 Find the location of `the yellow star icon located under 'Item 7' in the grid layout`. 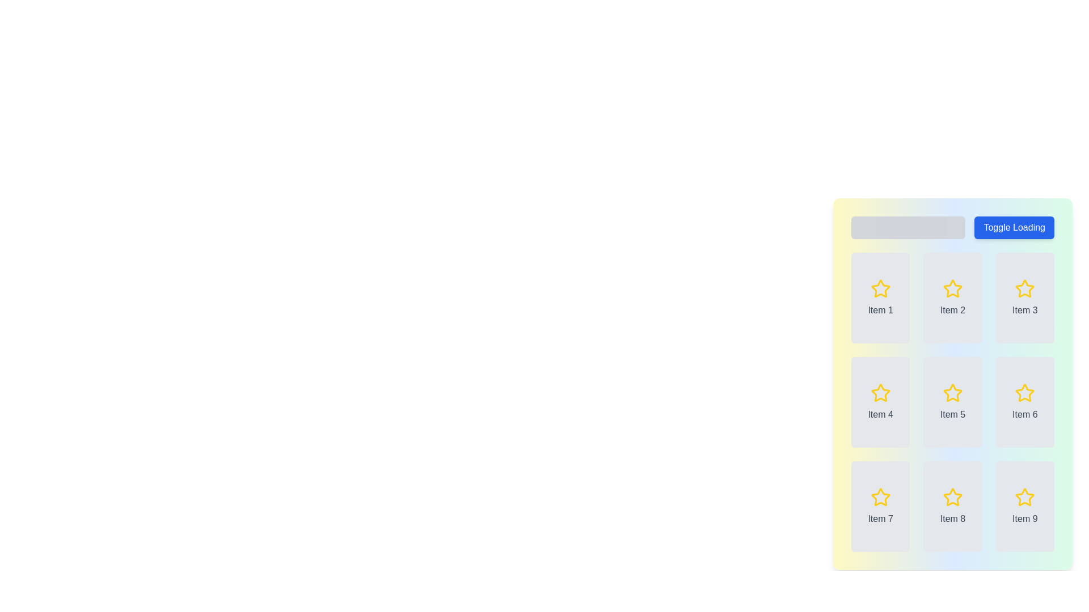

the yellow star icon located under 'Item 7' in the grid layout is located at coordinates (880, 496).